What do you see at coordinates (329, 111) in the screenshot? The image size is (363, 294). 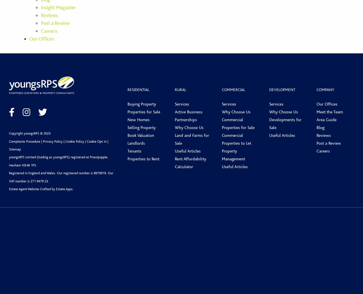 I see `'Meet the Team'` at bounding box center [329, 111].